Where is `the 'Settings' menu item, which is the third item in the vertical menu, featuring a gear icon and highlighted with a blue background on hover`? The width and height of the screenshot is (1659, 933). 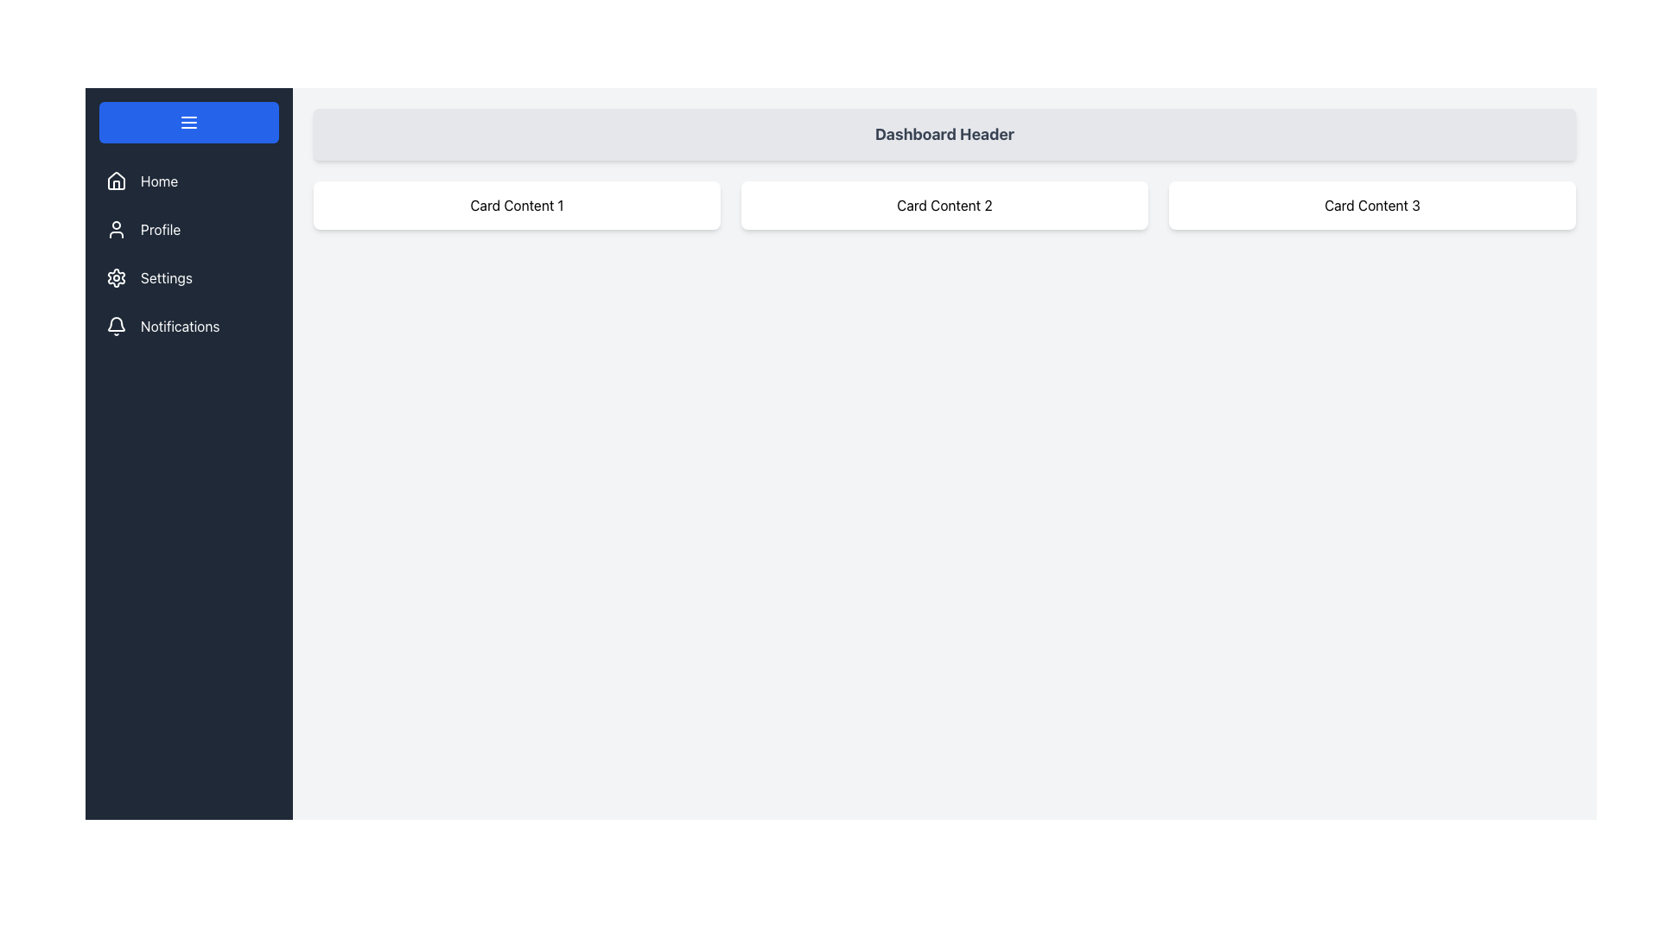
the 'Settings' menu item, which is the third item in the vertical menu, featuring a gear icon and highlighted with a blue background on hover is located at coordinates (189, 276).